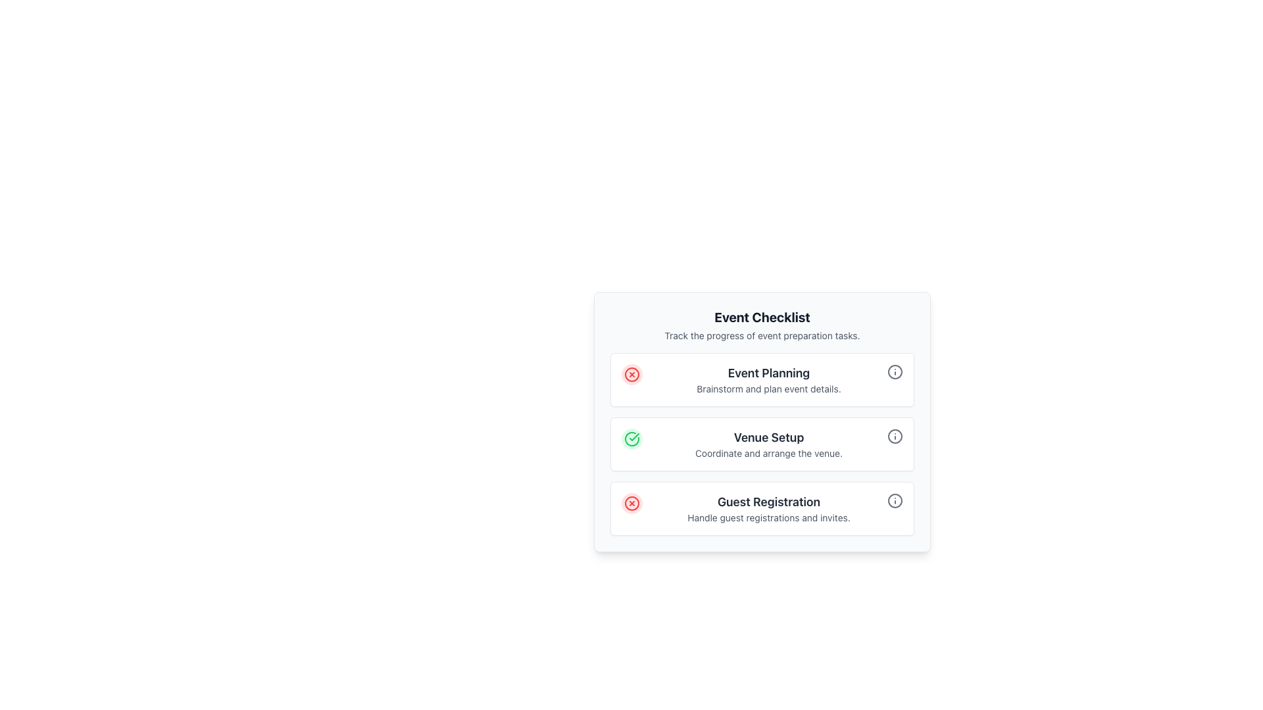 The image size is (1263, 710). I want to click on text content of the 'Guest Registration' Text Block located at the bottommost section of the card layout, so click(769, 508).